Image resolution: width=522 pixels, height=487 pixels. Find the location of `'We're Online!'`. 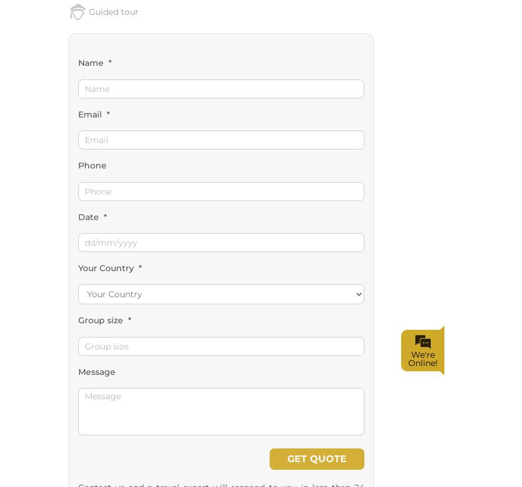

'We're Online!' is located at coordinates (406, 114).